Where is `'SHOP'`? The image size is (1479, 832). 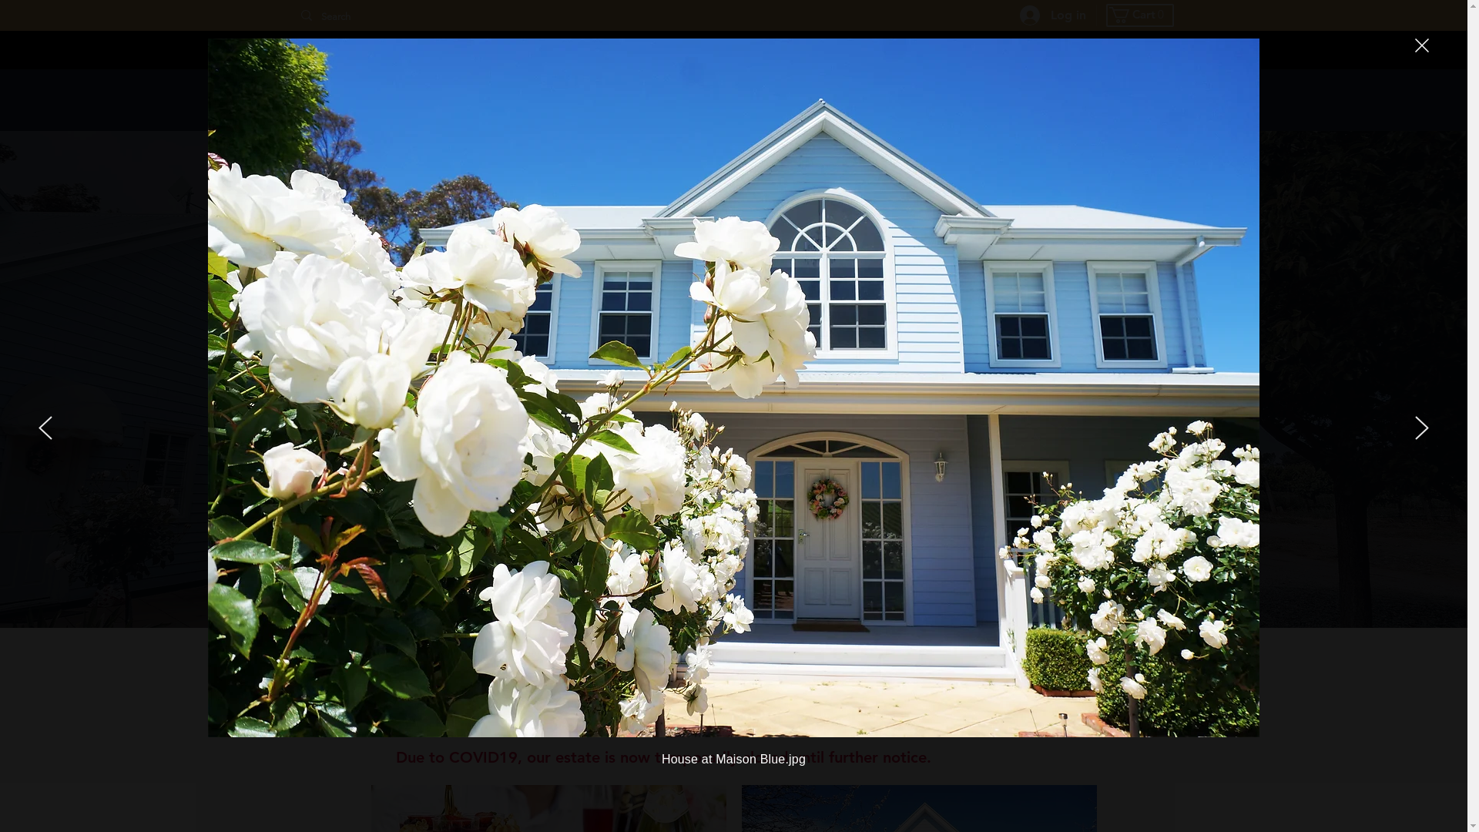
'SHOP' is located at coordinates (732, 100).